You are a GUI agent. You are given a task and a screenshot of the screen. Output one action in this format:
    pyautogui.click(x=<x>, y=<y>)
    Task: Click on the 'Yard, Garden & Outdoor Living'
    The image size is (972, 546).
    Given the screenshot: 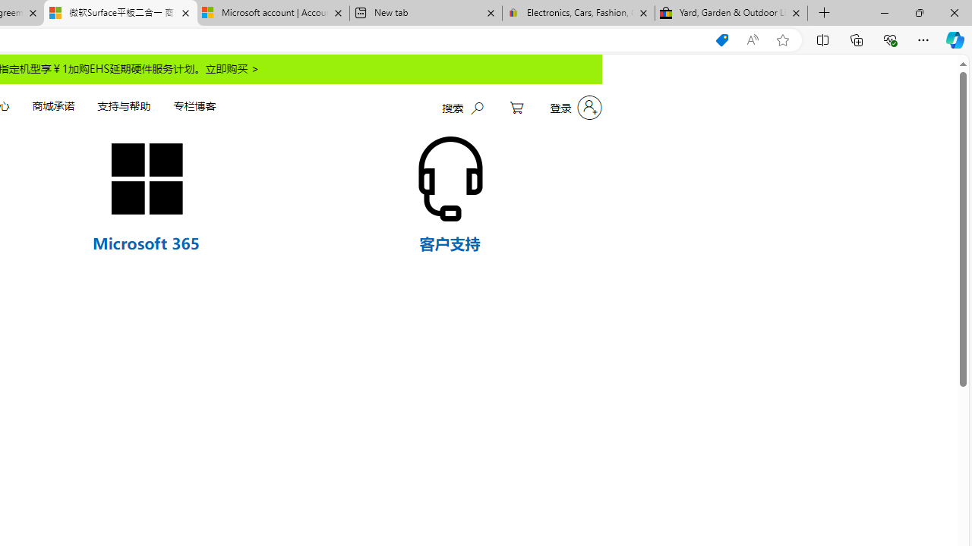 What is the action you would take?
    pyautogui.click(x=731, y=13)
    